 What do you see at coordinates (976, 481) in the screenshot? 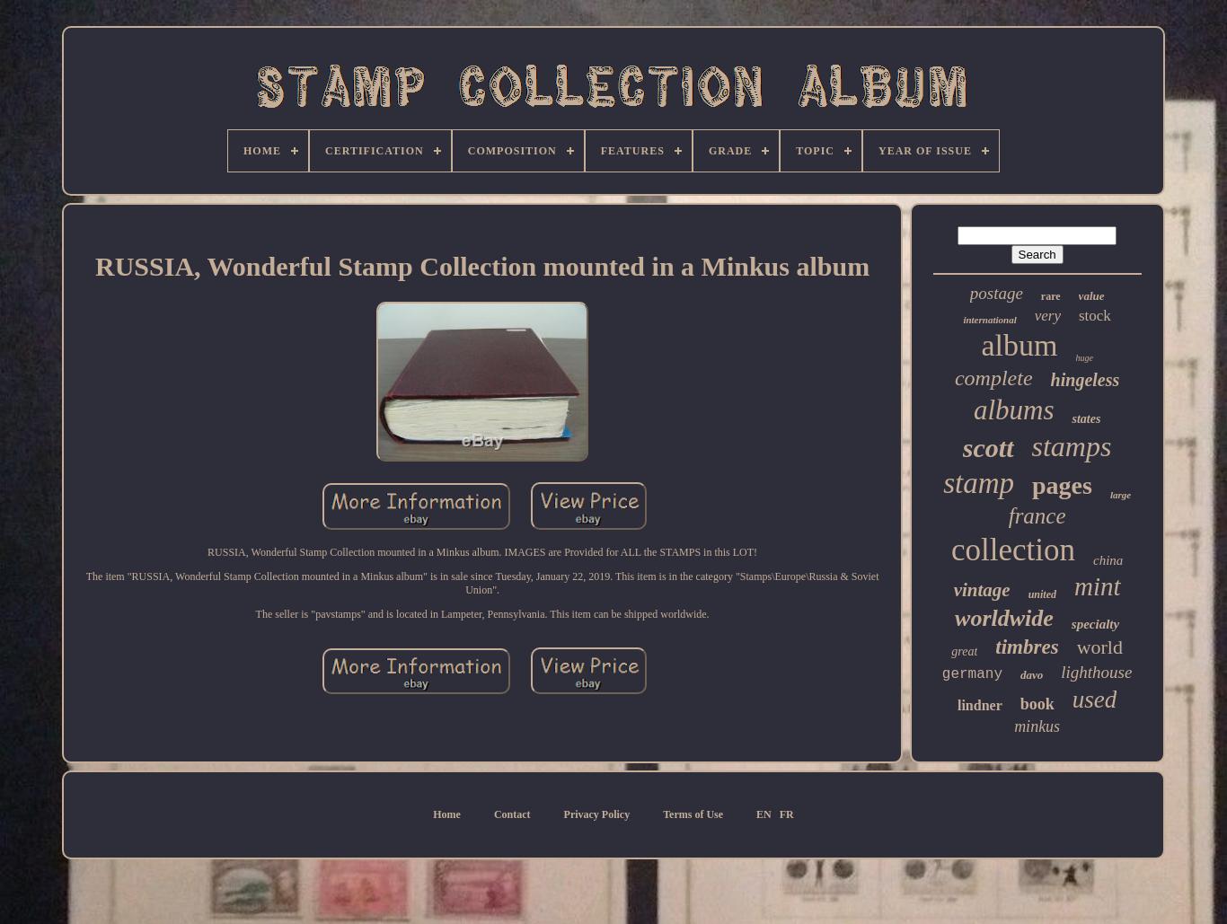
I see `'stamp'` at bounding box center [976, 481].